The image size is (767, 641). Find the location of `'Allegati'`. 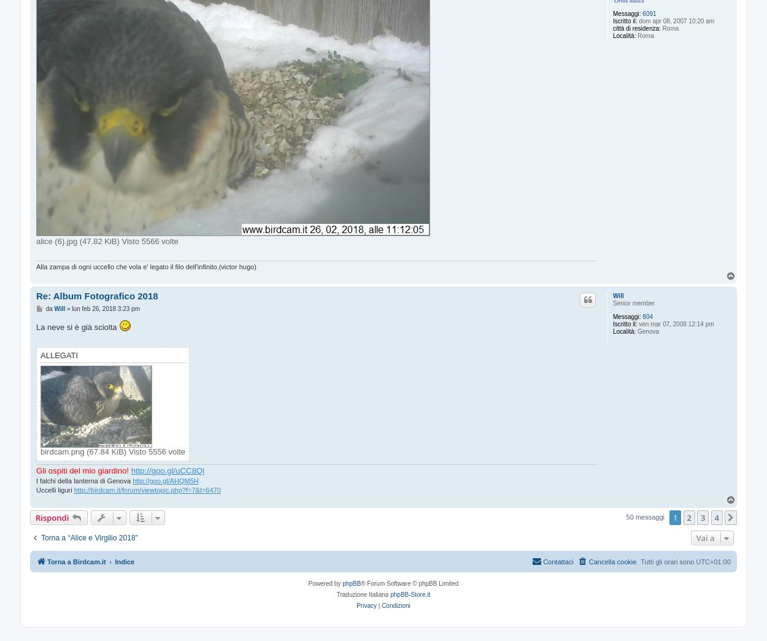

'Allegati' is located at coordinates (58, 355).